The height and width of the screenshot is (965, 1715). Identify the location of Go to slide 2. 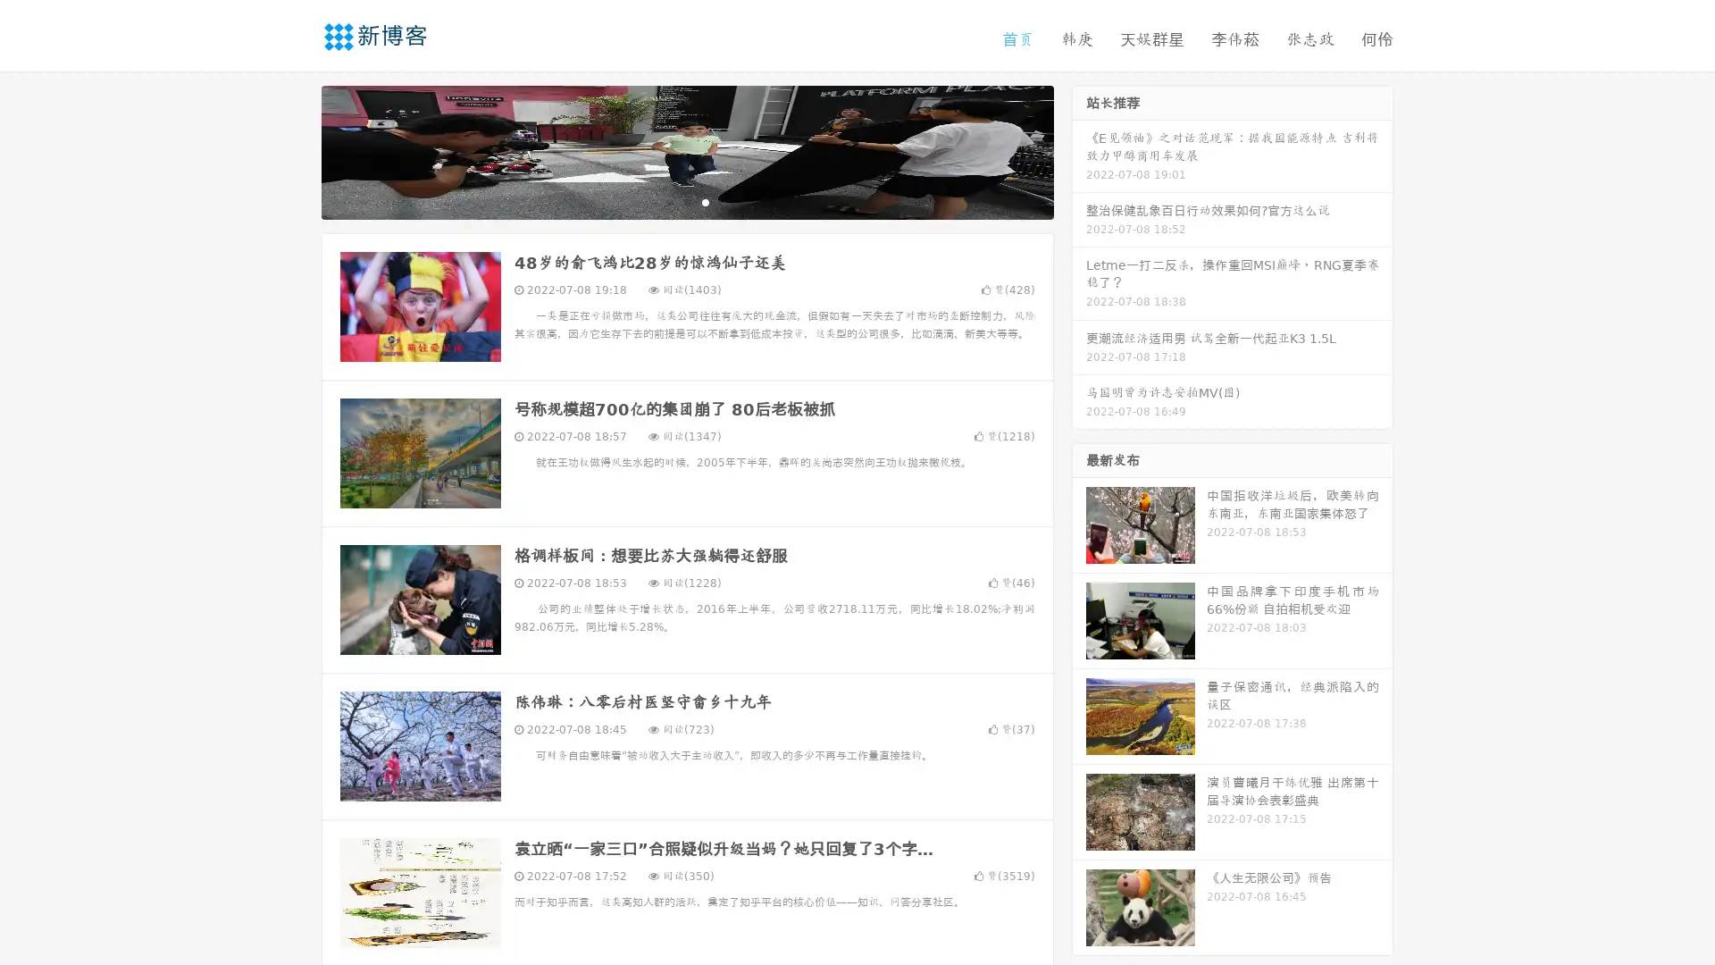
(686, 201).